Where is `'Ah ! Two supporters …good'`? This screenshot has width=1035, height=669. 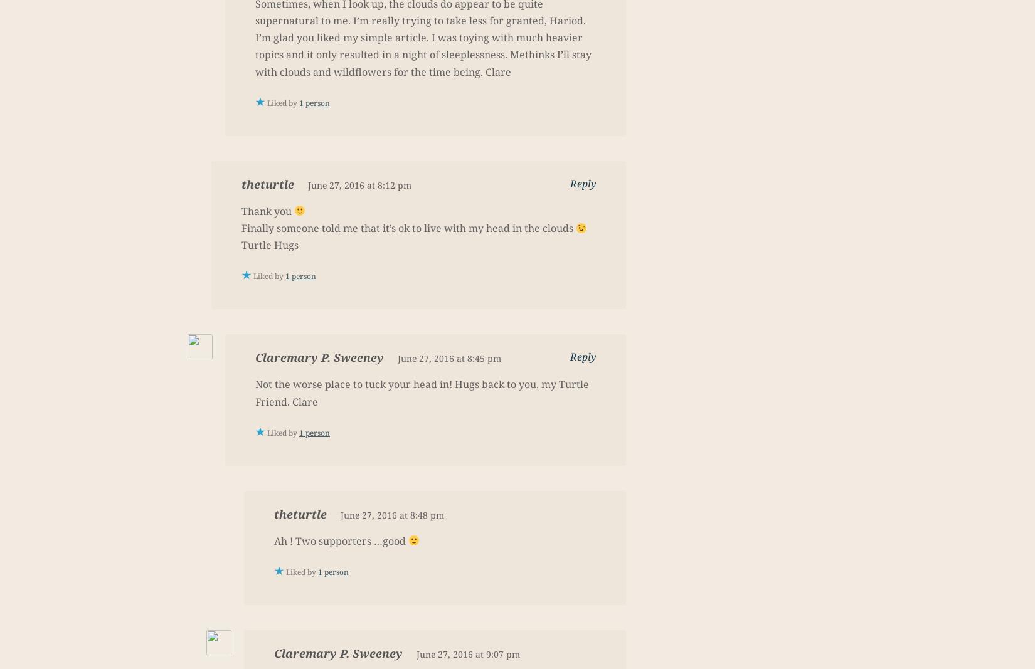 'Ah ! Two supporters …good' is located at coordinates (341, 540).